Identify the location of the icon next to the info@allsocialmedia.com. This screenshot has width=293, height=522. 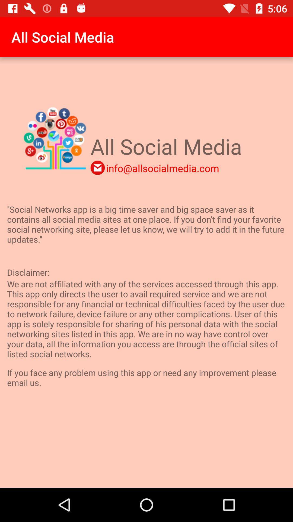
(97, 167).